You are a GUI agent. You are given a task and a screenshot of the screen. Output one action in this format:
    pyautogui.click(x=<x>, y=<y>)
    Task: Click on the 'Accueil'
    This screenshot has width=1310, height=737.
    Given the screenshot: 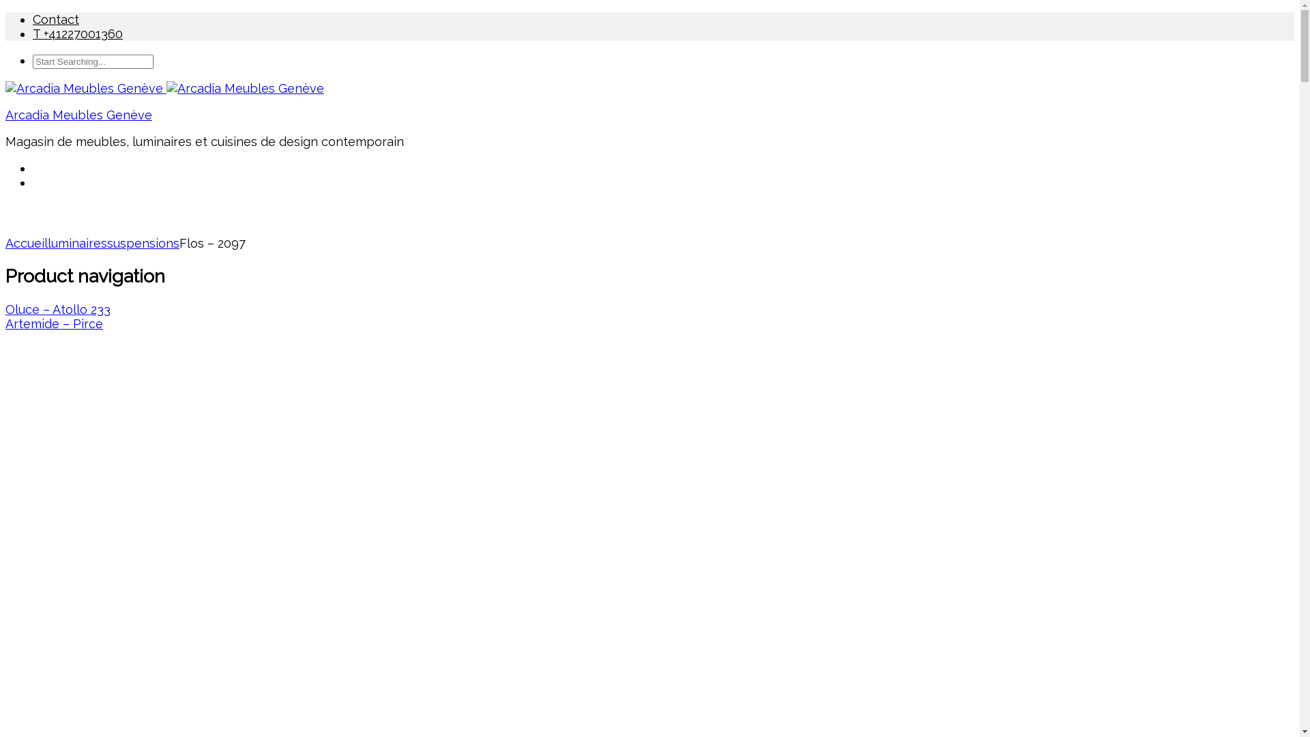 What is the action you would take?
    pyautogui.click(x=26, y=242)
    